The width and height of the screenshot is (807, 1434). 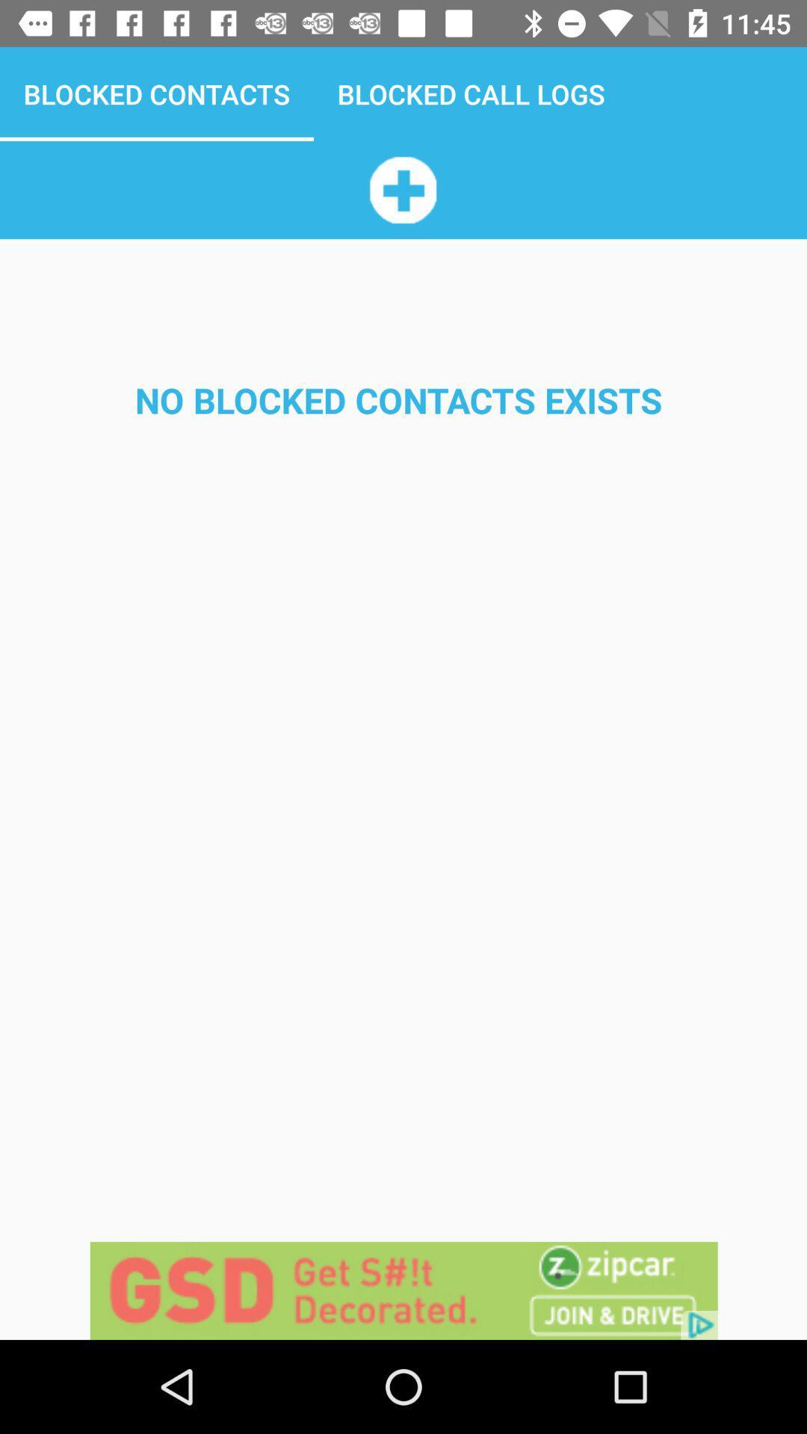 What do you see at coordinates (402, 189) in the screenshot?
I see `advertisement account` at bounding box center [402, 189].